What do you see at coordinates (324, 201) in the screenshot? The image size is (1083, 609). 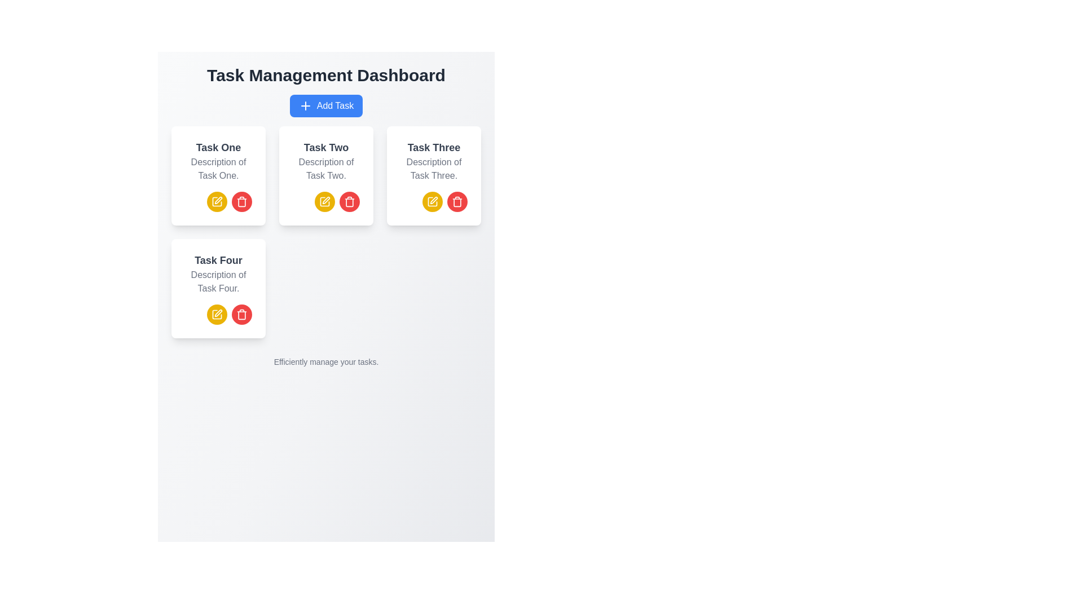 I see `the yellow square icon with a pen overlay, located in the 'Task Two' card` at bounding box center [324, 201].